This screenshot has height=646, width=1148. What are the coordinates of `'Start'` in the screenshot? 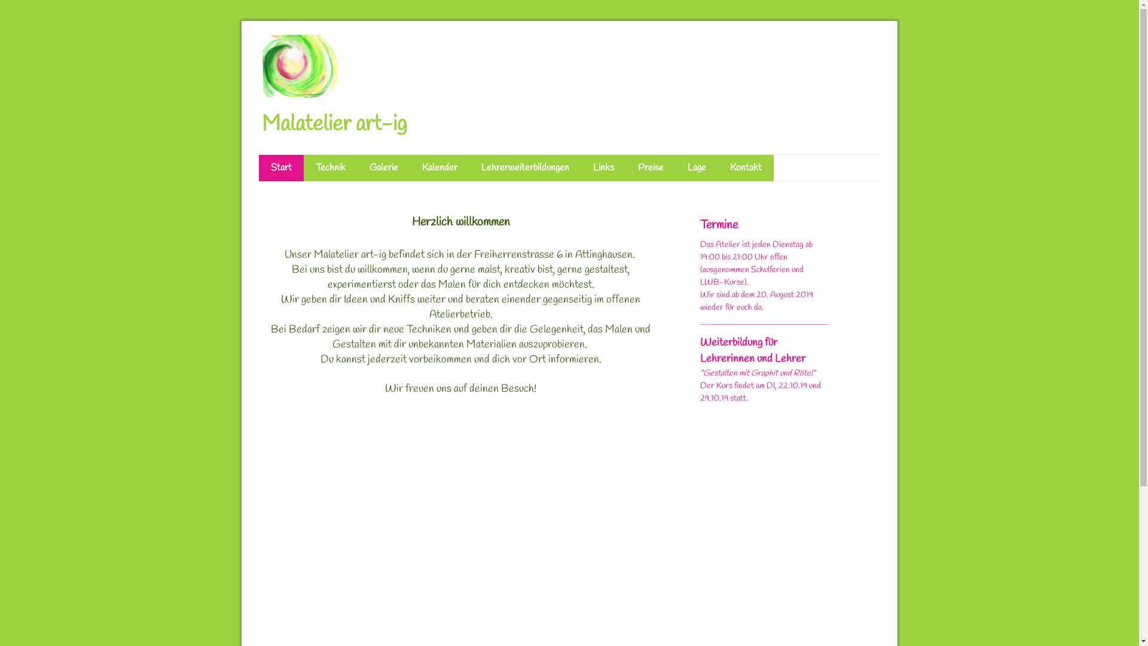 It's located at (280, 168).